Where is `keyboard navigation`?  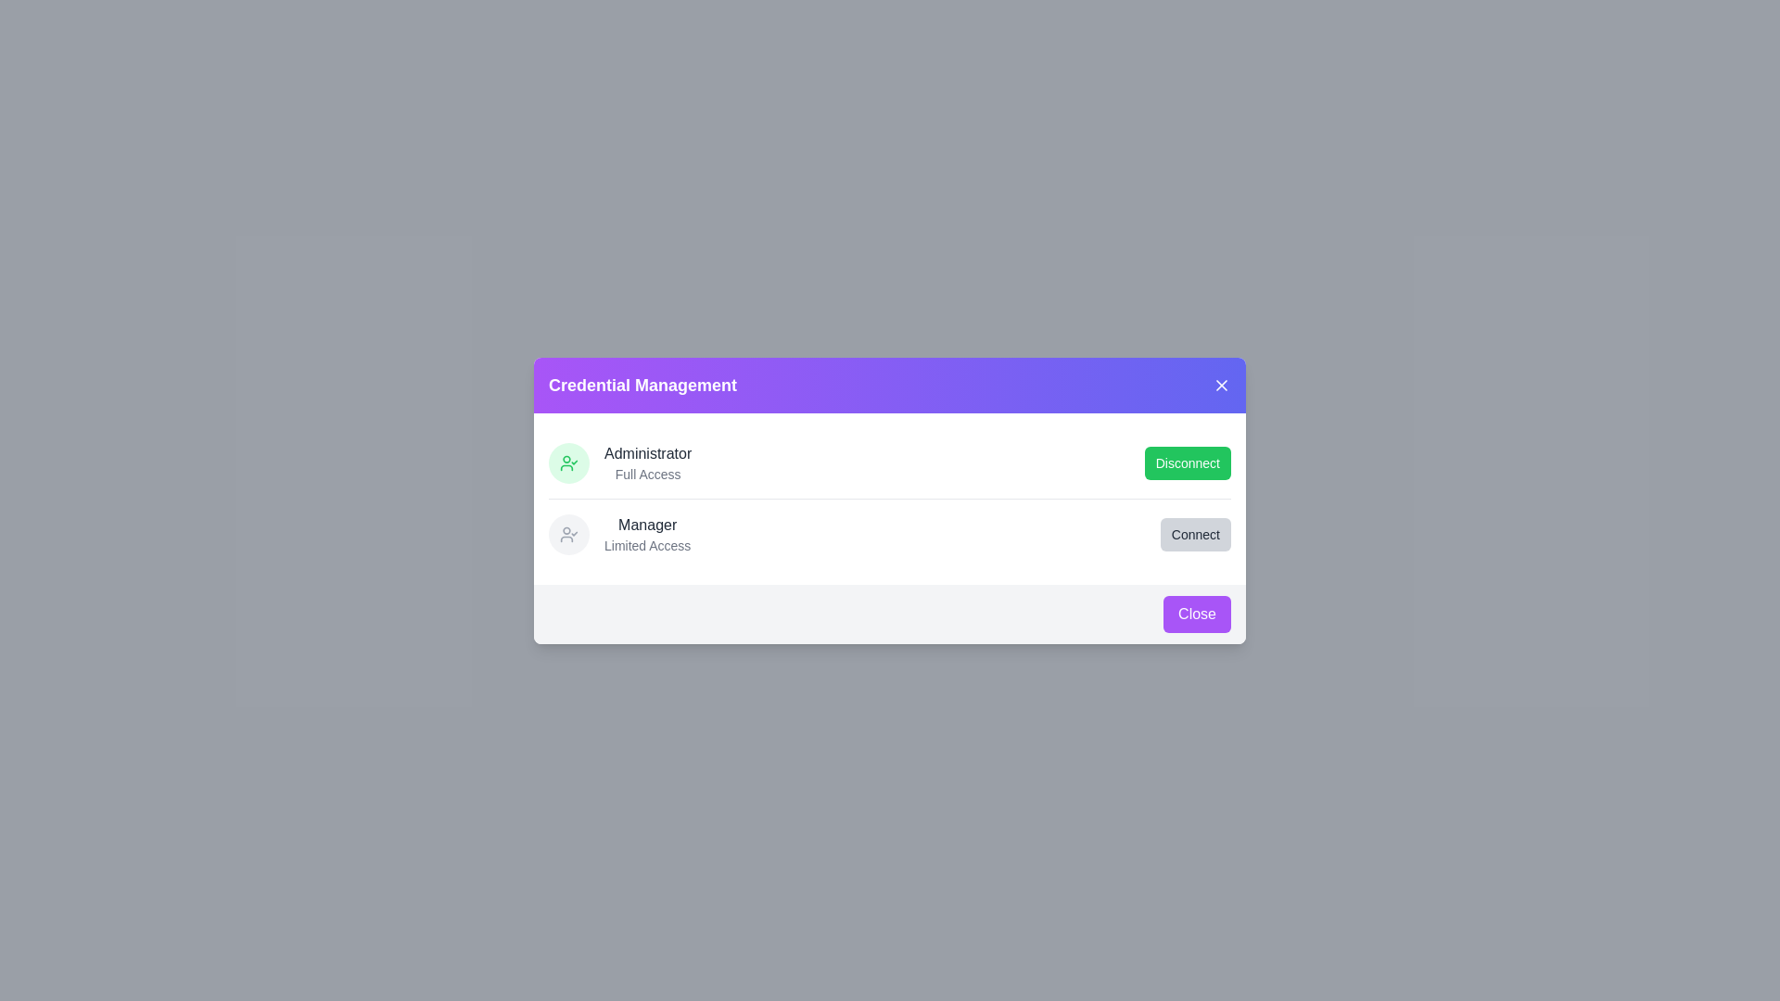
keyboard navigation is located at coordinates (1195, 534).